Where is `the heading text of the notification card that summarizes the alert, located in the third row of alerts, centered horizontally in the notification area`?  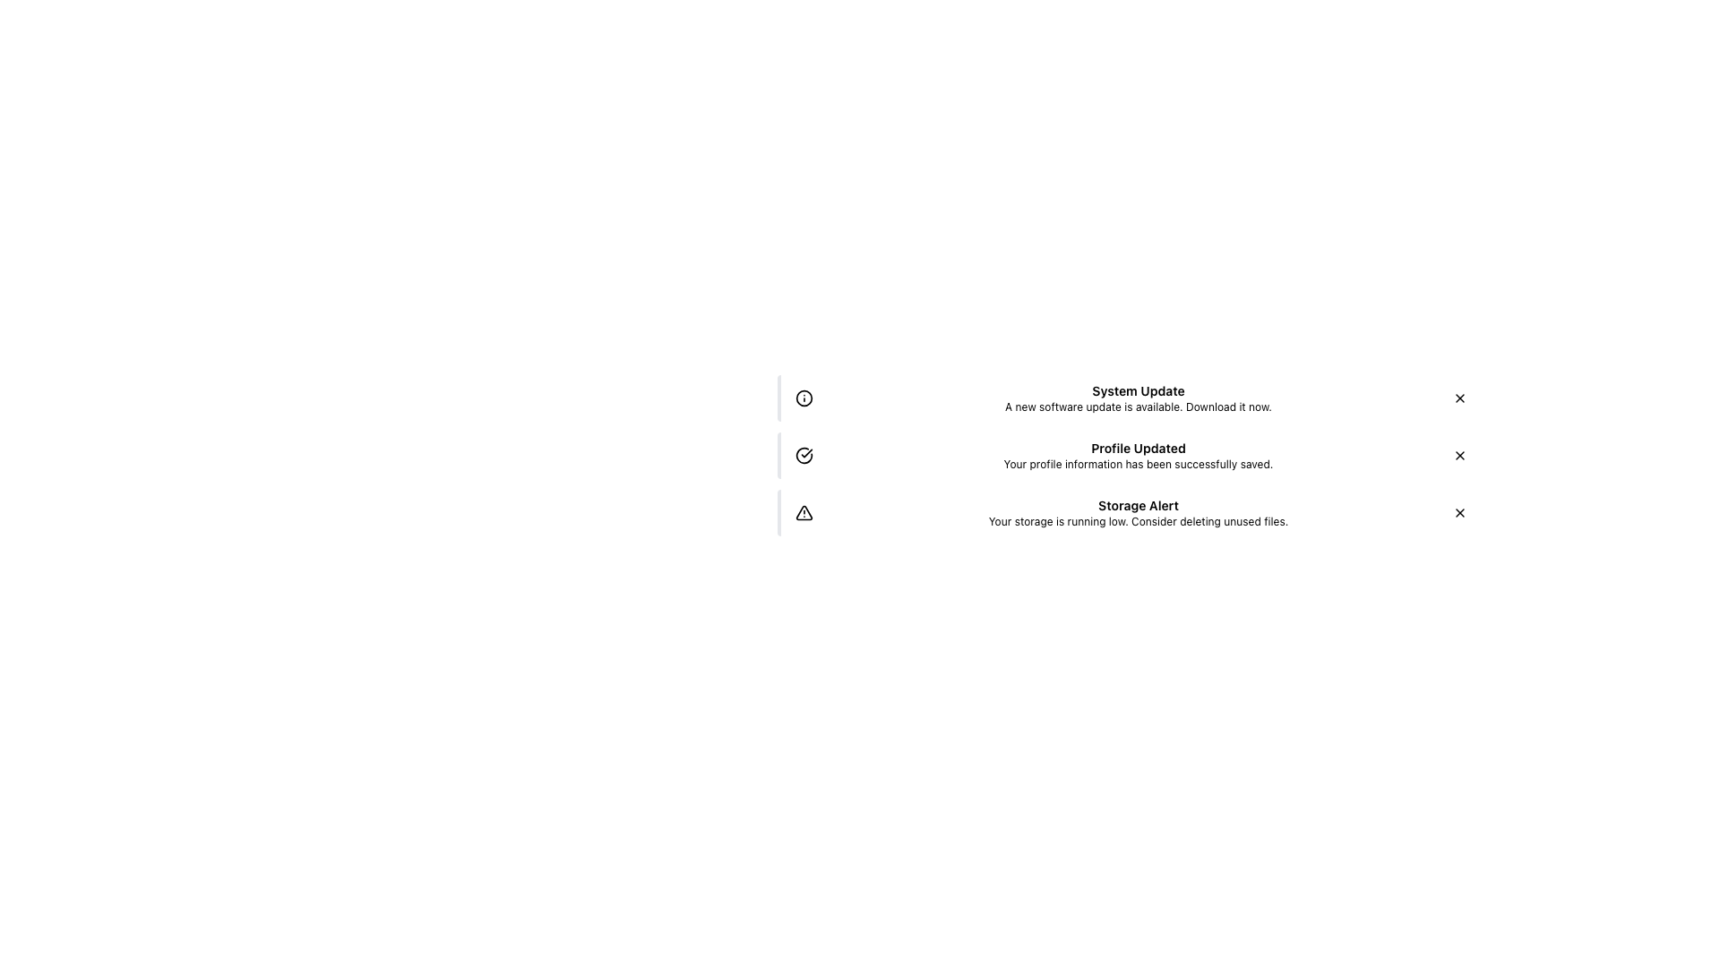
the heading text of the notification card that summarizes the alert, located in the third row of alerts, centered horizontally in the notification area is located at coordinates (1138, 505).